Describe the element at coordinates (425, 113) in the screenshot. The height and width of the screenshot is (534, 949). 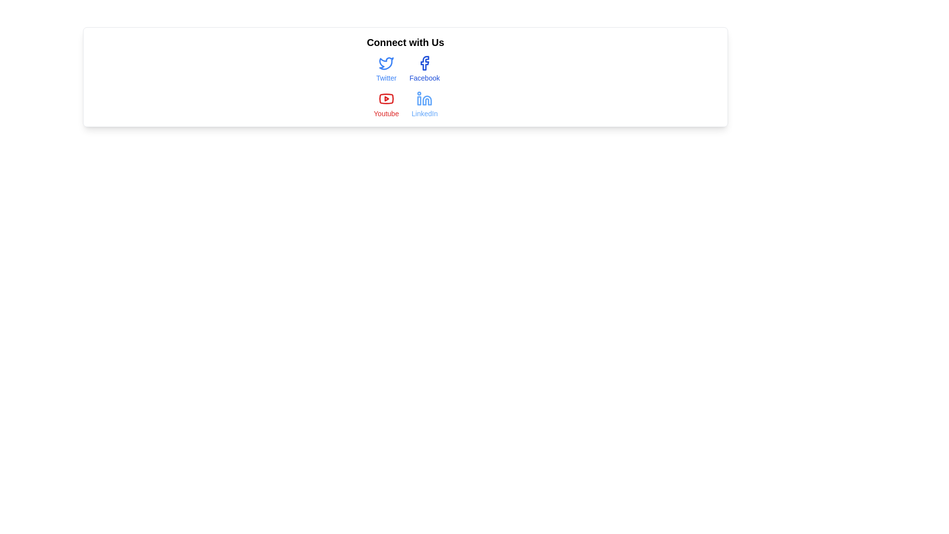
I see `text content of the 'LinkedIn' label, which is a small, blue font positioned below the LinkedIn icon within the social media links section` at that location.